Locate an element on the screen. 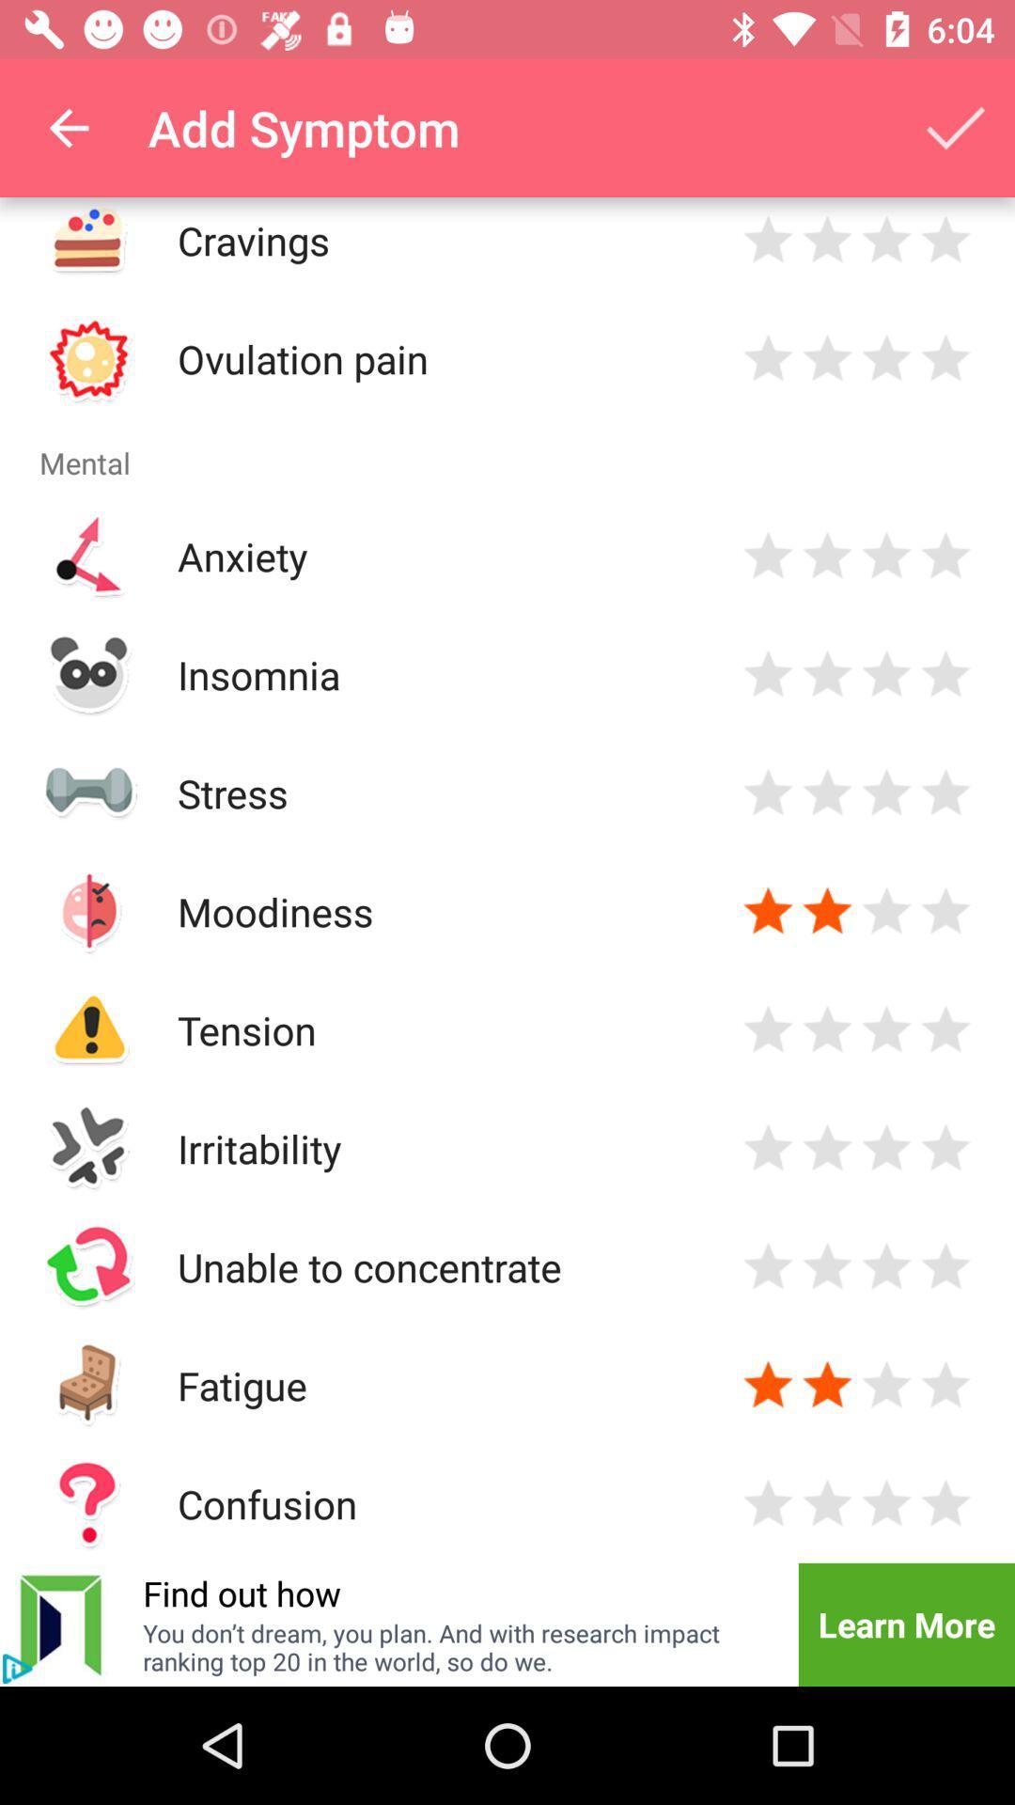  rate 5 stars is located at coordinates (945, 1147).